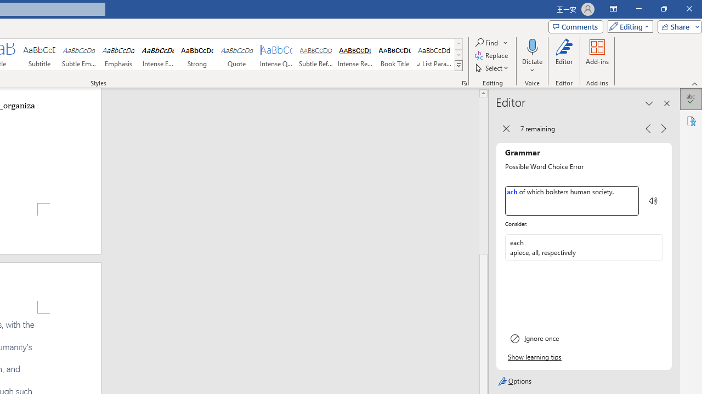 This screenshot has width=702, height=394. What do you see at coordinates (236, 55) in the screenshot?
I see `'Quote'` at bounding box center [236, 55].